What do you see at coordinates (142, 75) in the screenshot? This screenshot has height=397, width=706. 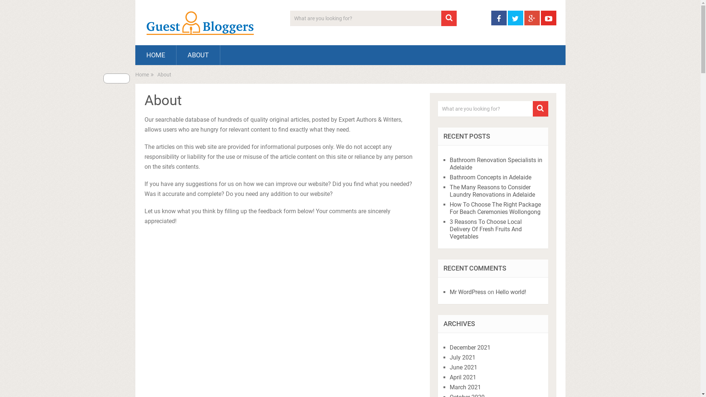 I see `'Home'` at bounding box center [142, 75].